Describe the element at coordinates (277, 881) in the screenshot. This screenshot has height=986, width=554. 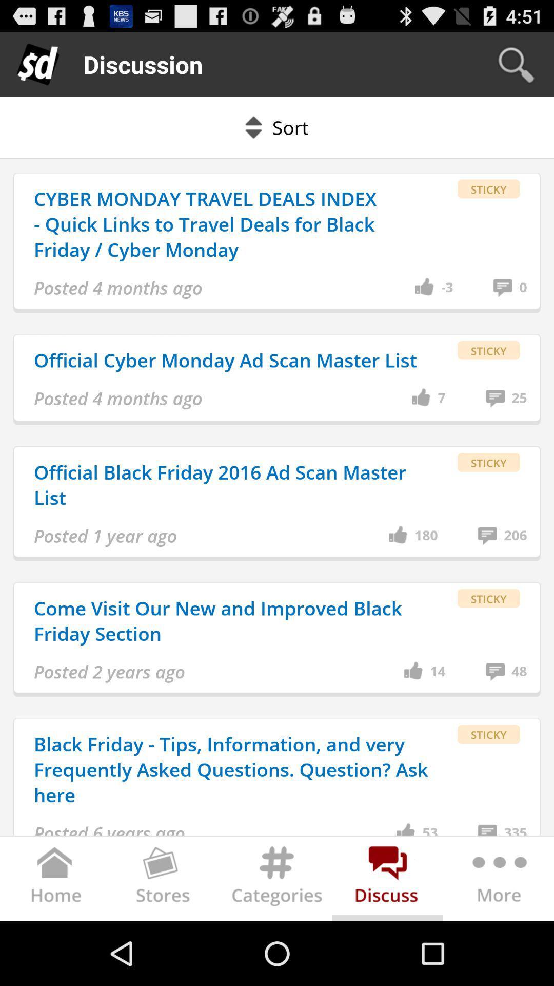
I see `categories` at that location.